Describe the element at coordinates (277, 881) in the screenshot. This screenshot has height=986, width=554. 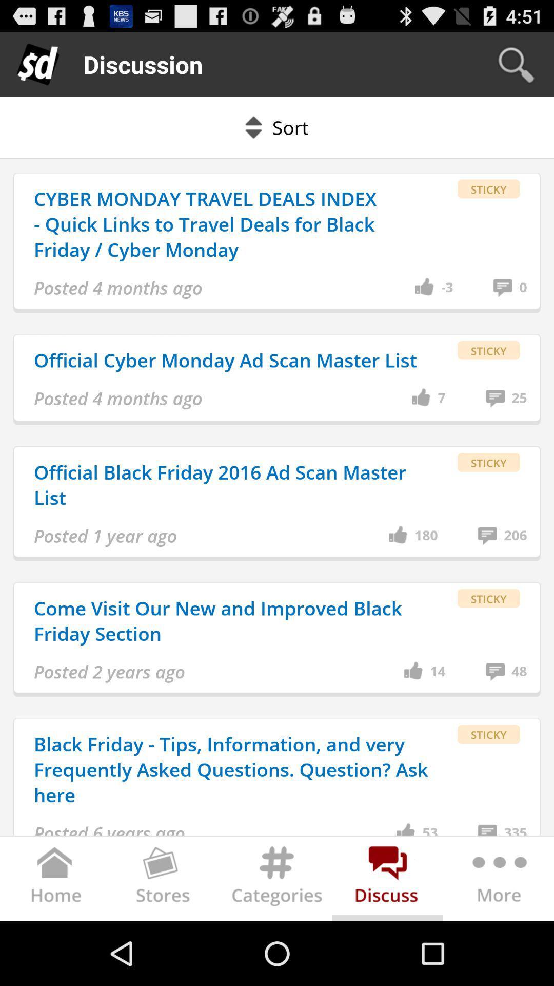
I see `categories` at that location.